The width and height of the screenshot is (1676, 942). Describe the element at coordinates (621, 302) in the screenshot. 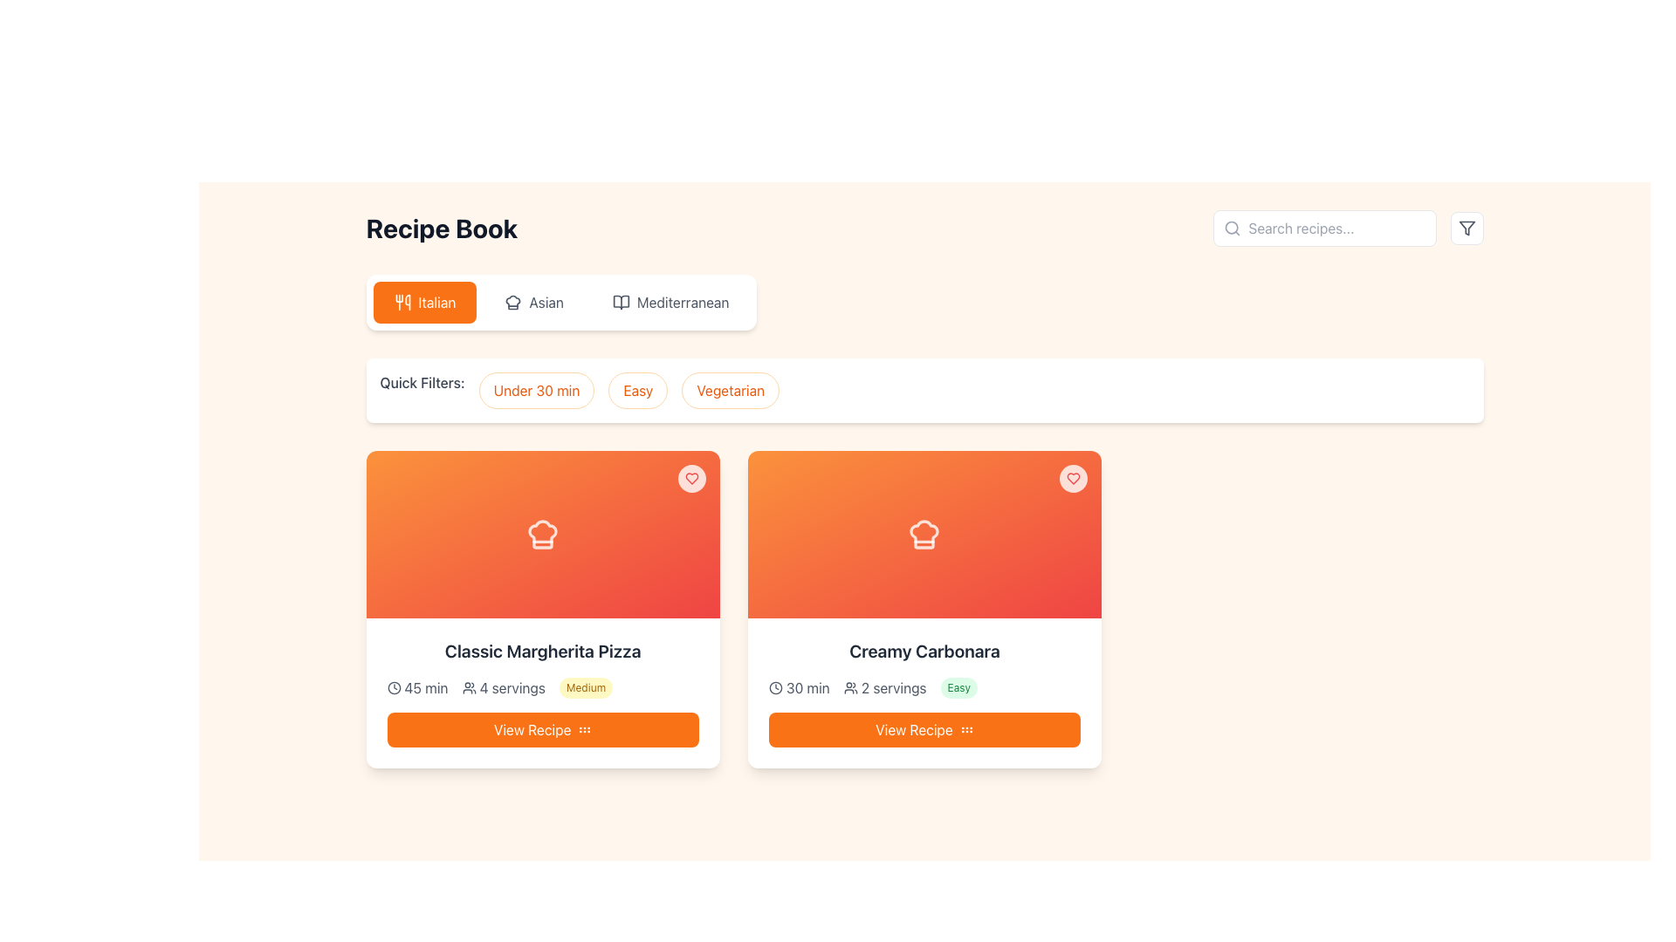

I see `the icon located to the left of the text 'Mediterranean' within the Mediterranean button to interact with the button` at that location.